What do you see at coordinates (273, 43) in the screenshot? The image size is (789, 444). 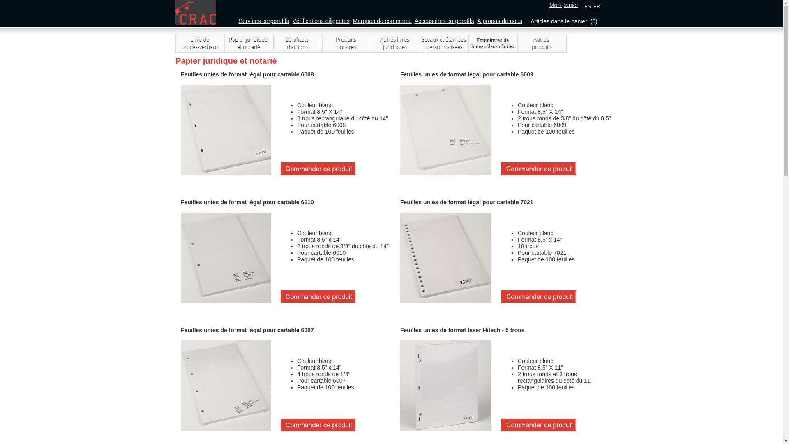 I see `'Certificats` at bounding box center [273, 43].